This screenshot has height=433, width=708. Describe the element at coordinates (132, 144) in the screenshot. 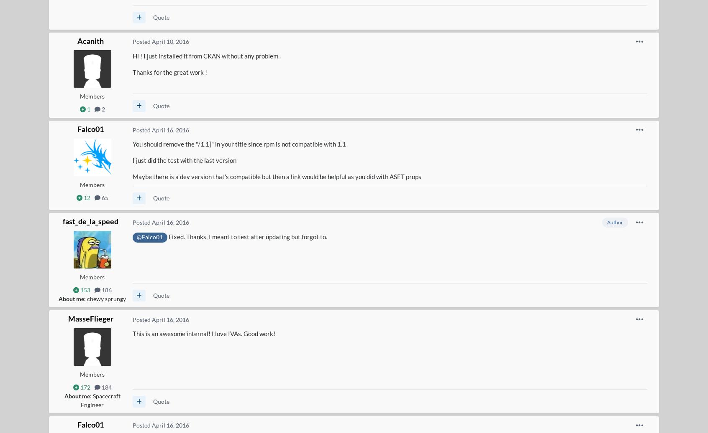

I see `'You should remove the "/1.1]" in your title since rpm is not compatible with 1.1'` at that location.